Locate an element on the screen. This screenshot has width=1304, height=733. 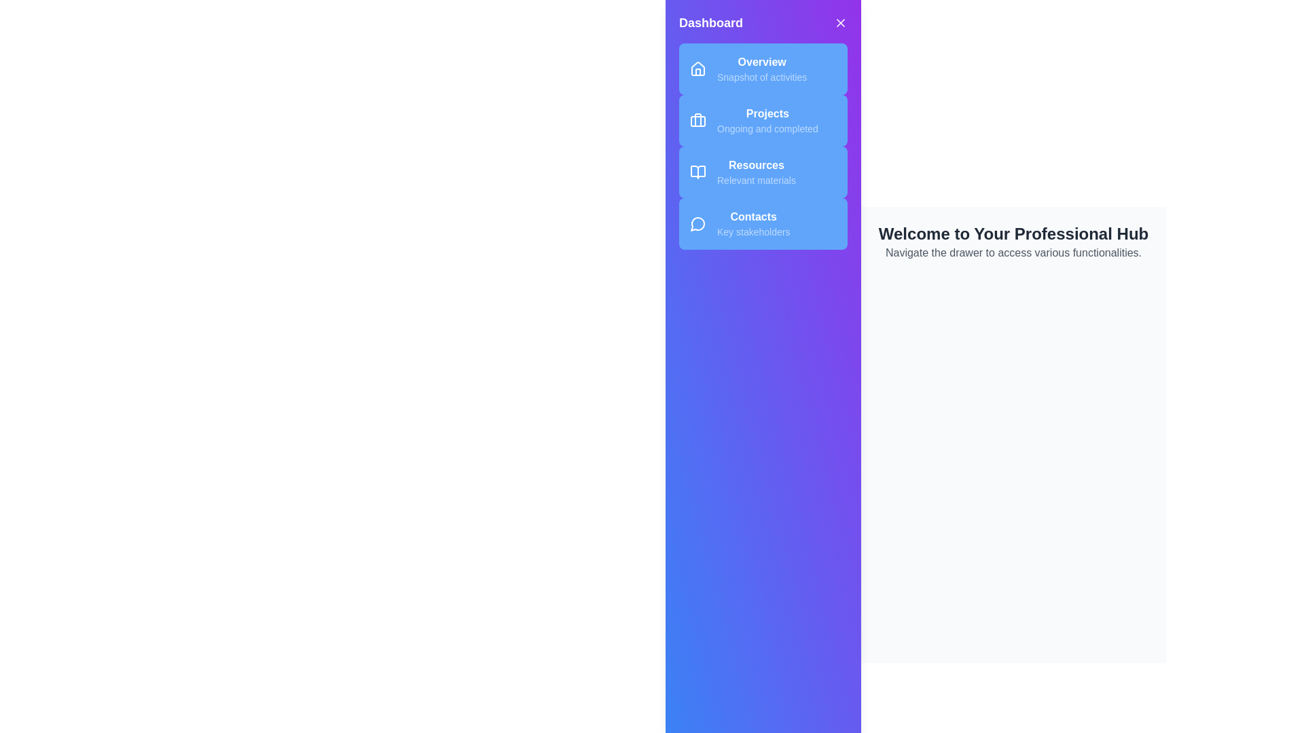
the menu item labeled Resources to navigate to its section is located at coordinates (763, 172).